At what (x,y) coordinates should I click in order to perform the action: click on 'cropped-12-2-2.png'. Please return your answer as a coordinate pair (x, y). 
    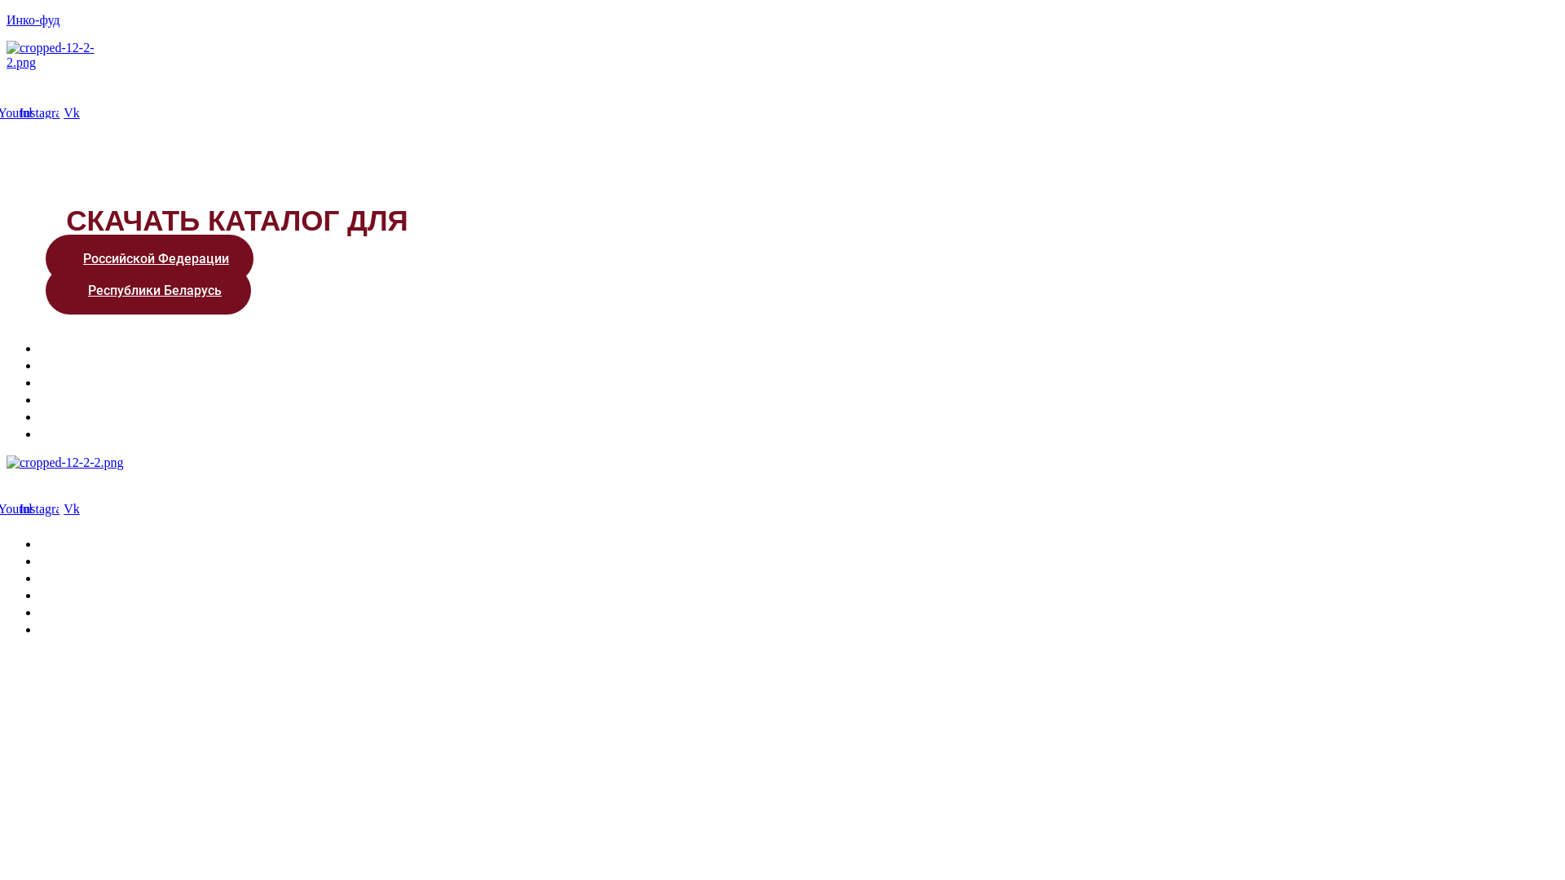
    Looking at the image, I should click on (62, 55).